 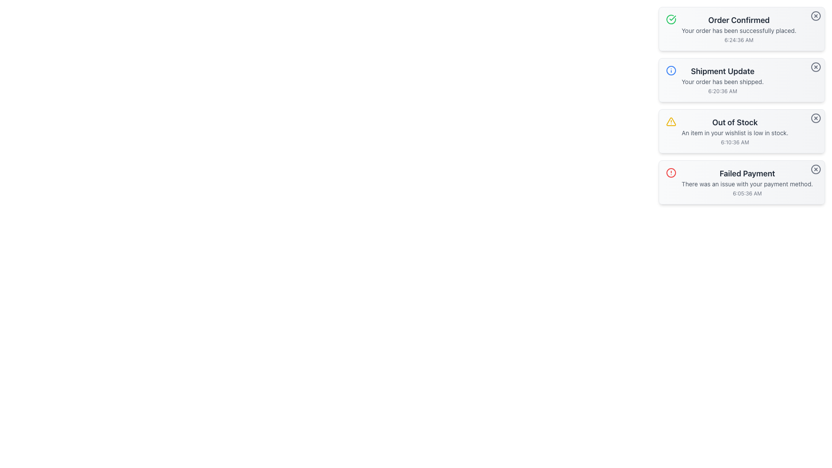 I want to click on the 'Failed Payment' textual notification component, which is the fourth alert in the list of notifications on the right-hand side of the interface, so click(x=746, y=182).